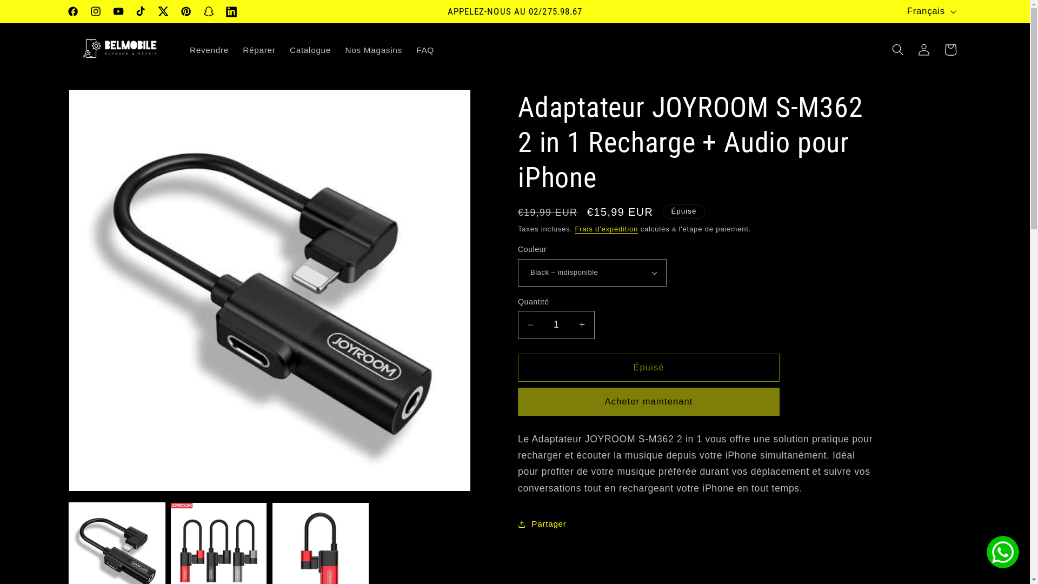  What do you see at coordinates (151, 12) in the screenshot?
I see `'Twitter'` at bounding box center [151, 12].